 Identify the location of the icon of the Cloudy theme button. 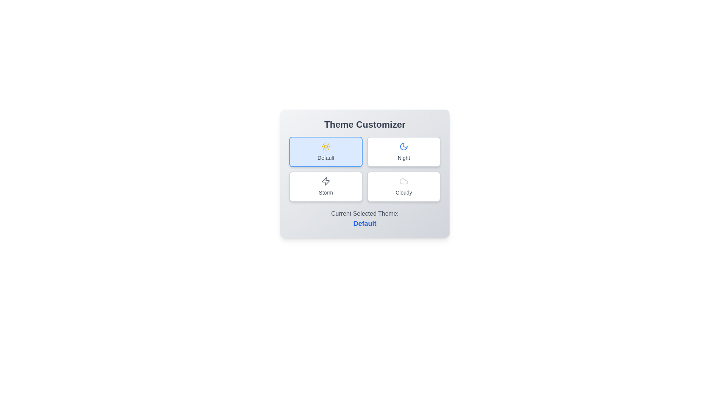
(403, 181).